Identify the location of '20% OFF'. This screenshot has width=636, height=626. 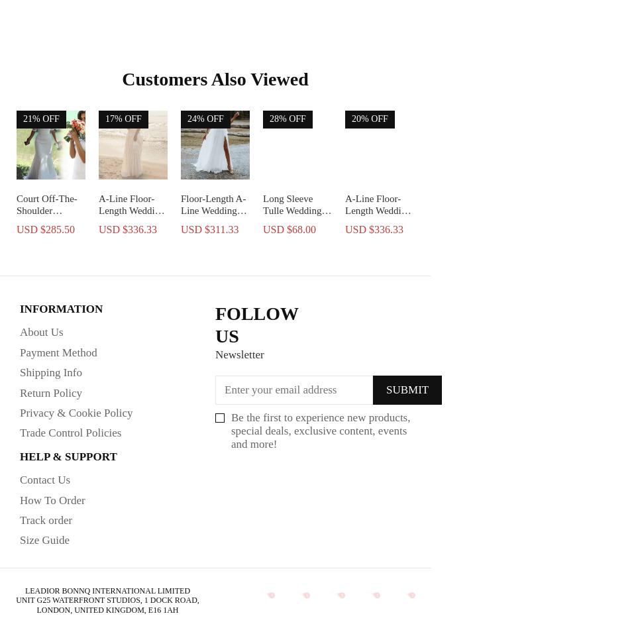
(350, 118).